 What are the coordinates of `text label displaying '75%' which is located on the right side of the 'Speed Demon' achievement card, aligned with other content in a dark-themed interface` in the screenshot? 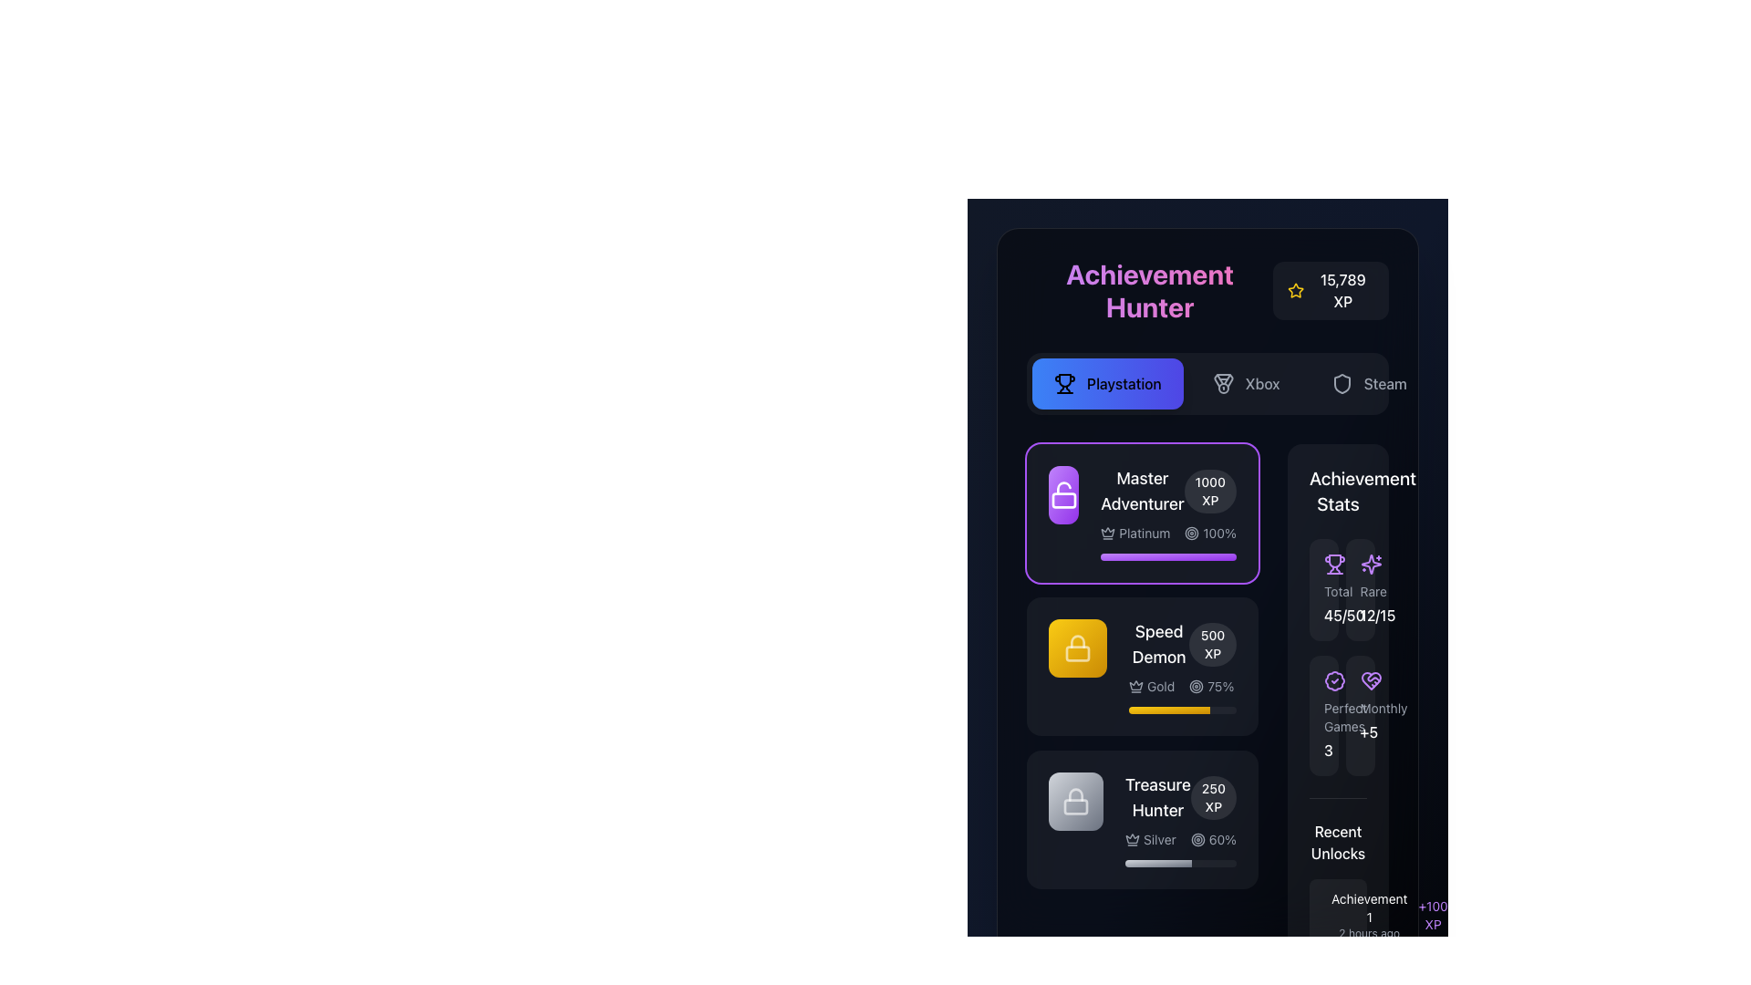 It's located at (1220, 686).